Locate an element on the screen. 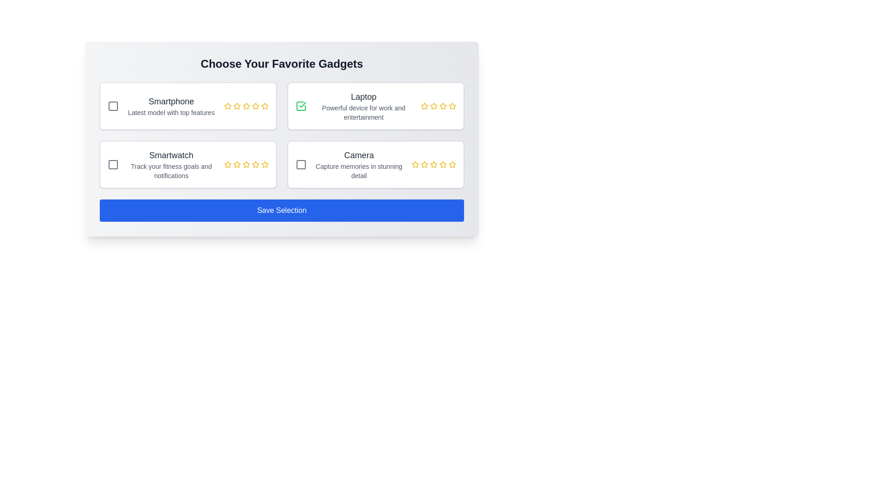 The width and height of the screenshot is (891, 501). the 'Laptop' text label, which serves as a heading for the laptop option in the upper-right segment of the interface is located at coordinates (363, 96).